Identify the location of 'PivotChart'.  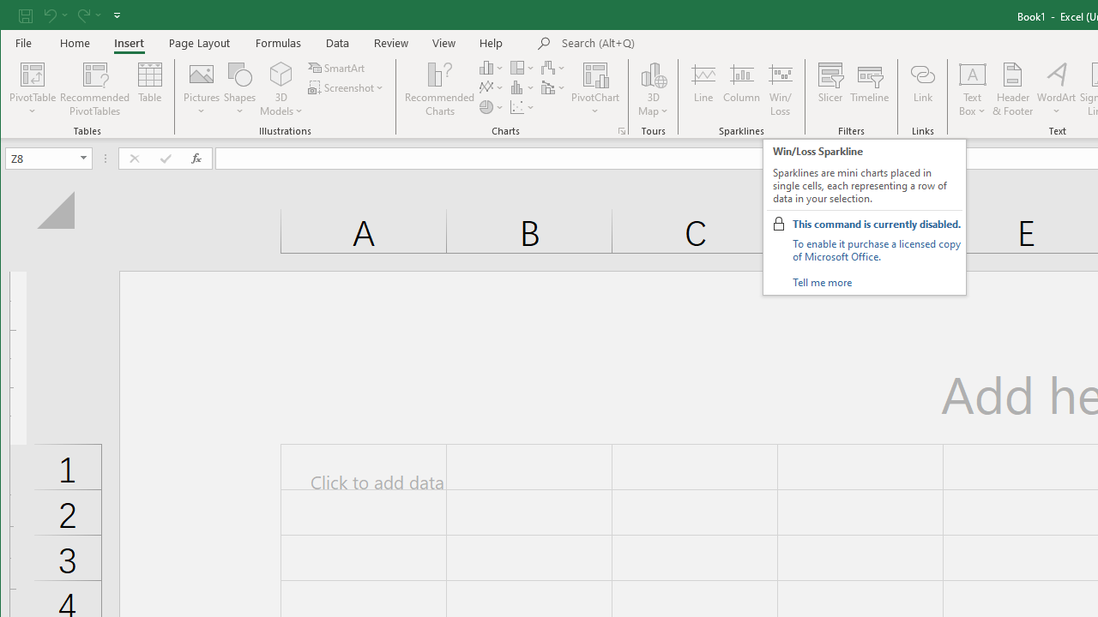
(595, 89).